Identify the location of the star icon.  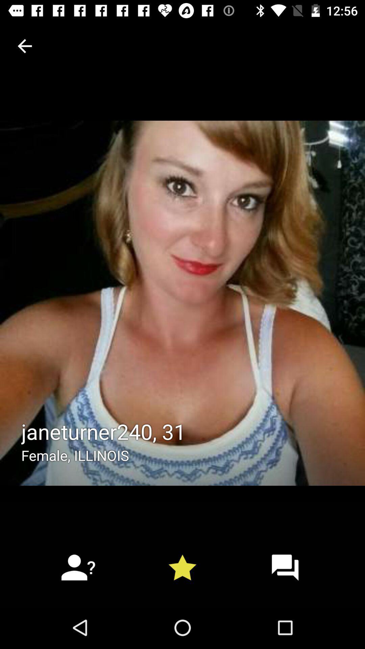
(182, 567).